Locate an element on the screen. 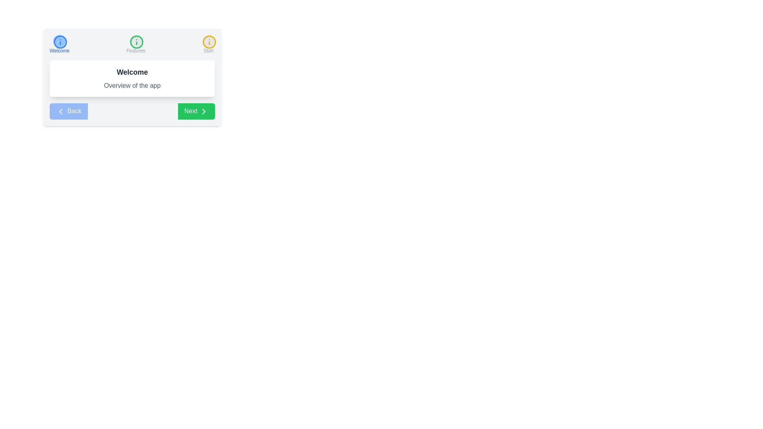 This screenshot has width=763, height=429. the icon of step Welcome to inspect its context is located at coordinates (59, 41).